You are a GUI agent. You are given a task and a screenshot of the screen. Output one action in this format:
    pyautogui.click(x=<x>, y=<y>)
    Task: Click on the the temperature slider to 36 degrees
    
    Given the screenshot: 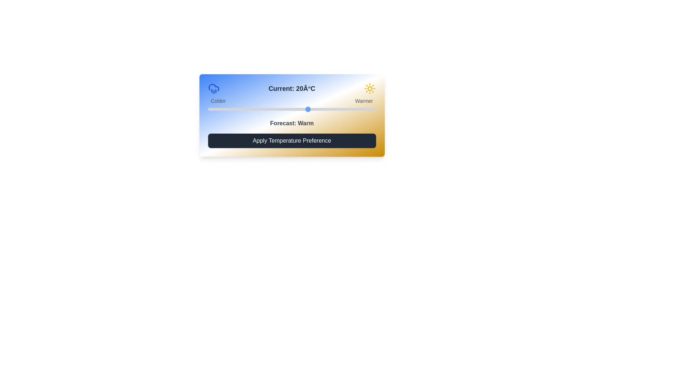 What is the action you would take?
    pyautogui.click(x=362, y=109)
    